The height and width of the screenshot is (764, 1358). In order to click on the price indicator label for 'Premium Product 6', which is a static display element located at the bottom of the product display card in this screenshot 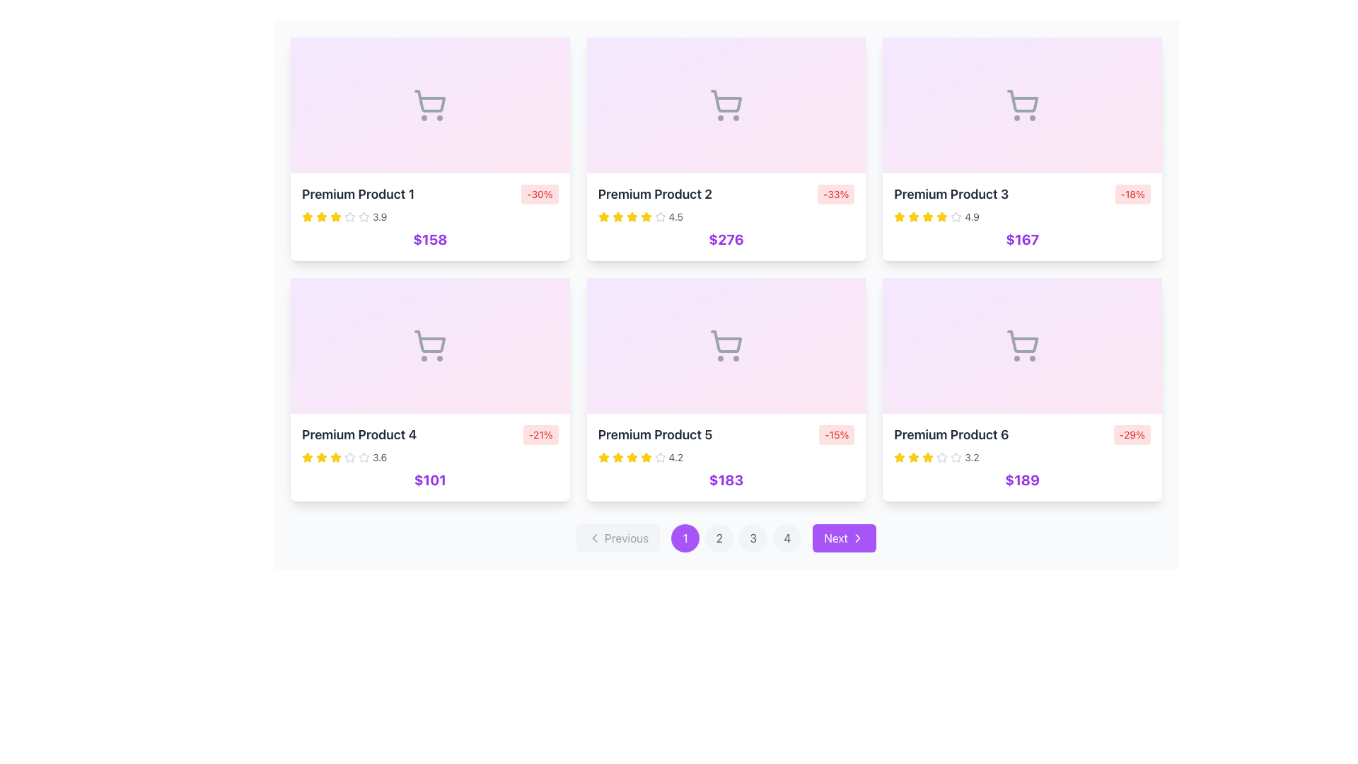, I will do `click(1022, 479)`.